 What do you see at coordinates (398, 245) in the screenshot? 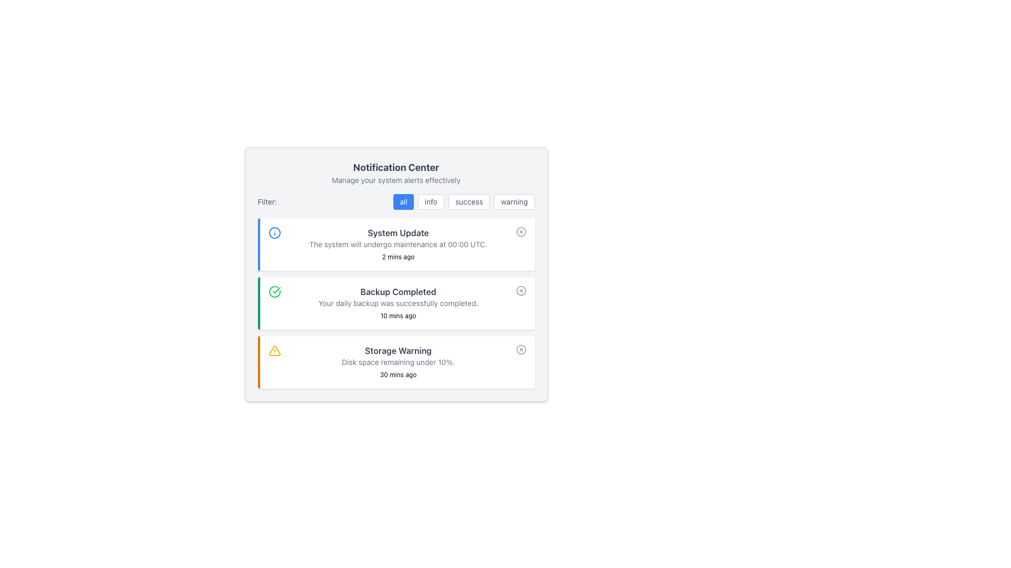
I see `the text snippet stating 'The system will undergo maintenance at 00:00 UTC.' located within the 'System Update' notification block` at bounding box center [398, 245].